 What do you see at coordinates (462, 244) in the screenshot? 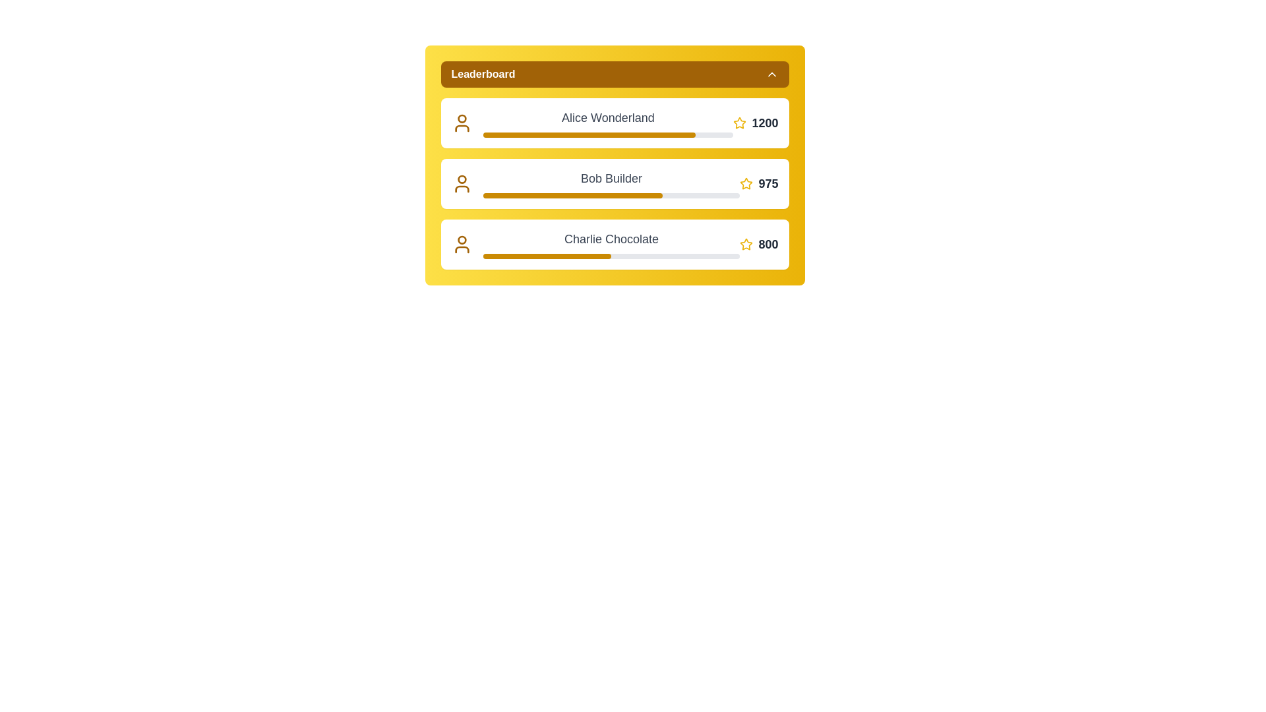
I see `the user profile icon, which is a yellowish avatar outline located in the third row of the leaderboard, just before 'Charlie Chocolate'` at bounding box center [462, 244].